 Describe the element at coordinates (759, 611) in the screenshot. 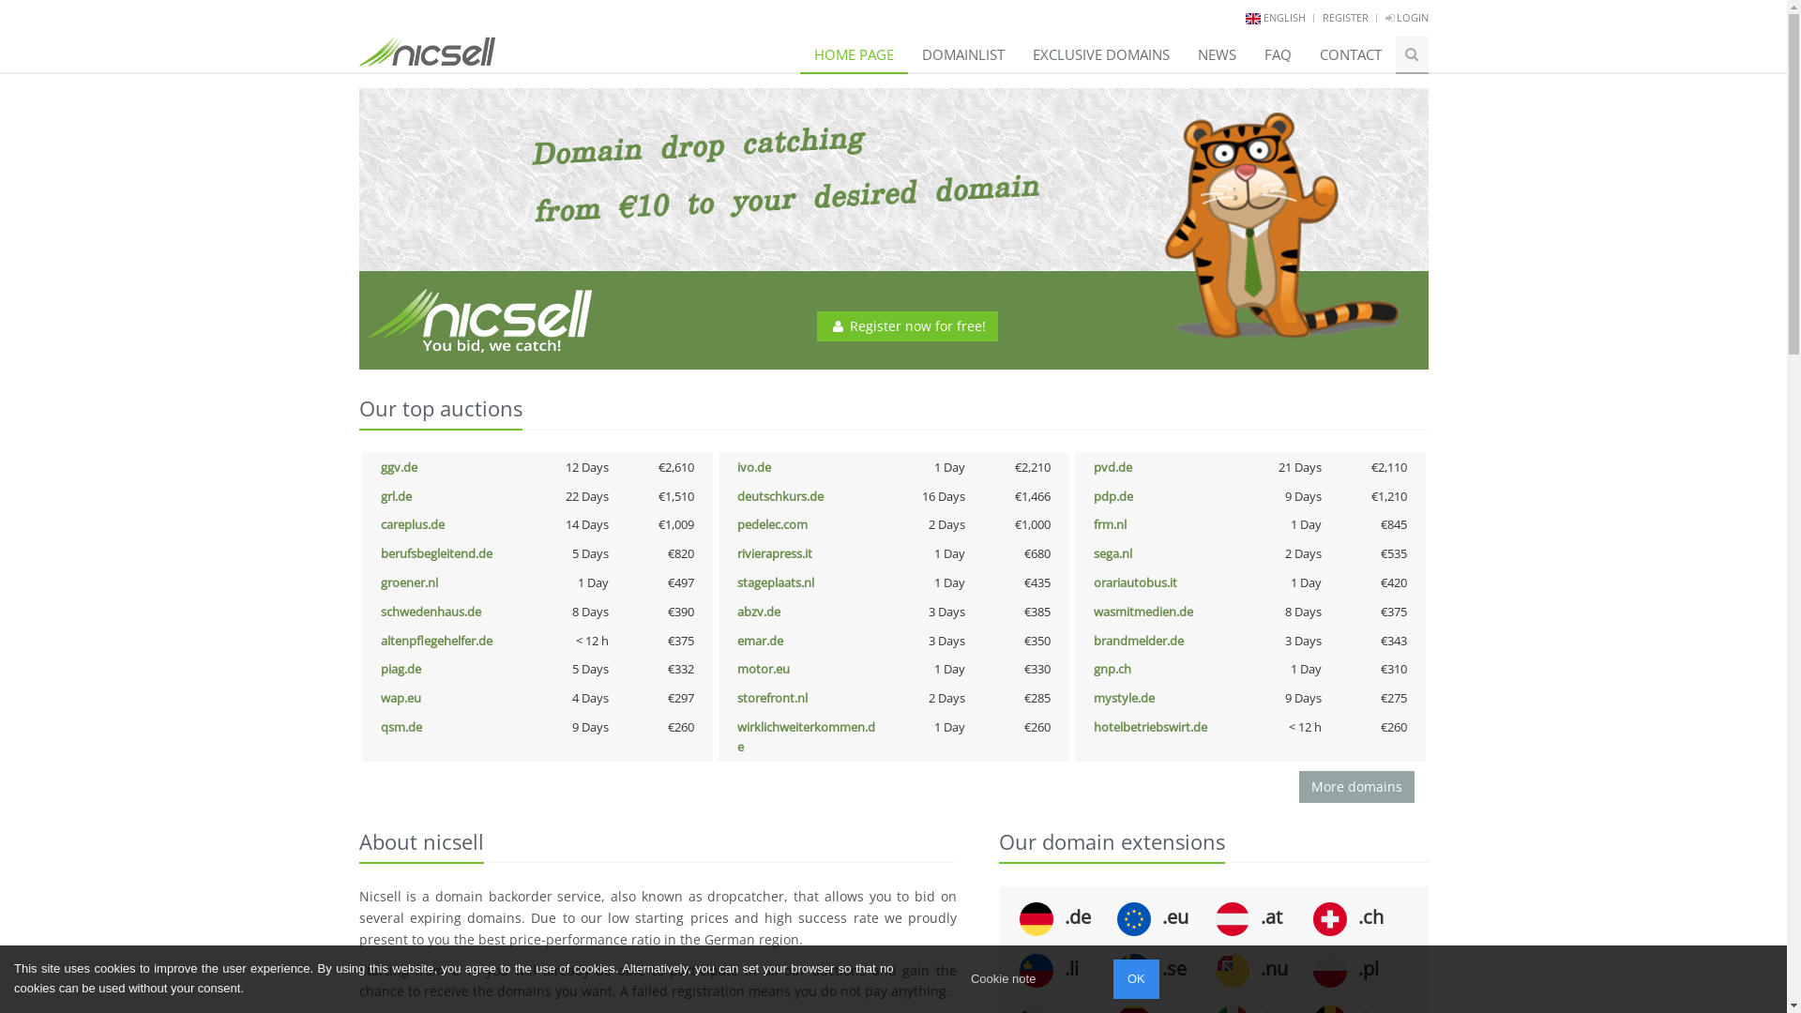

I see `'abzv.de'` at that location.